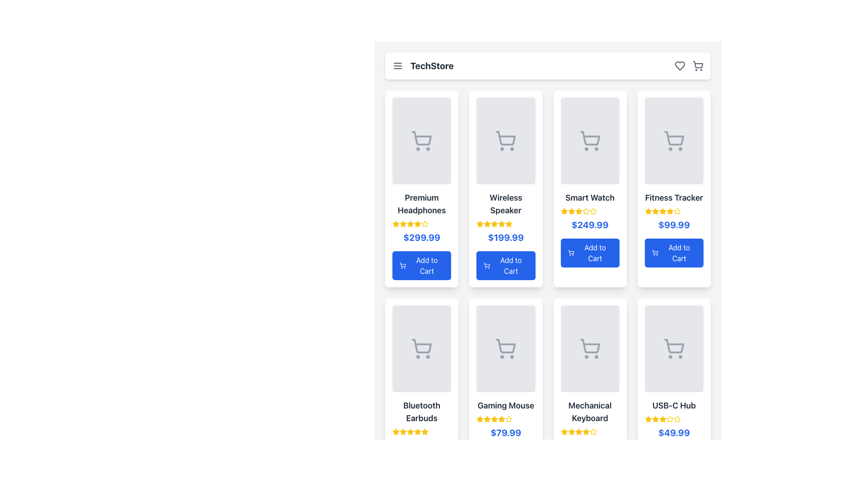  I want to click on the third star icon in the rating component of the 'Smart Watch' product, so click(578, 211).